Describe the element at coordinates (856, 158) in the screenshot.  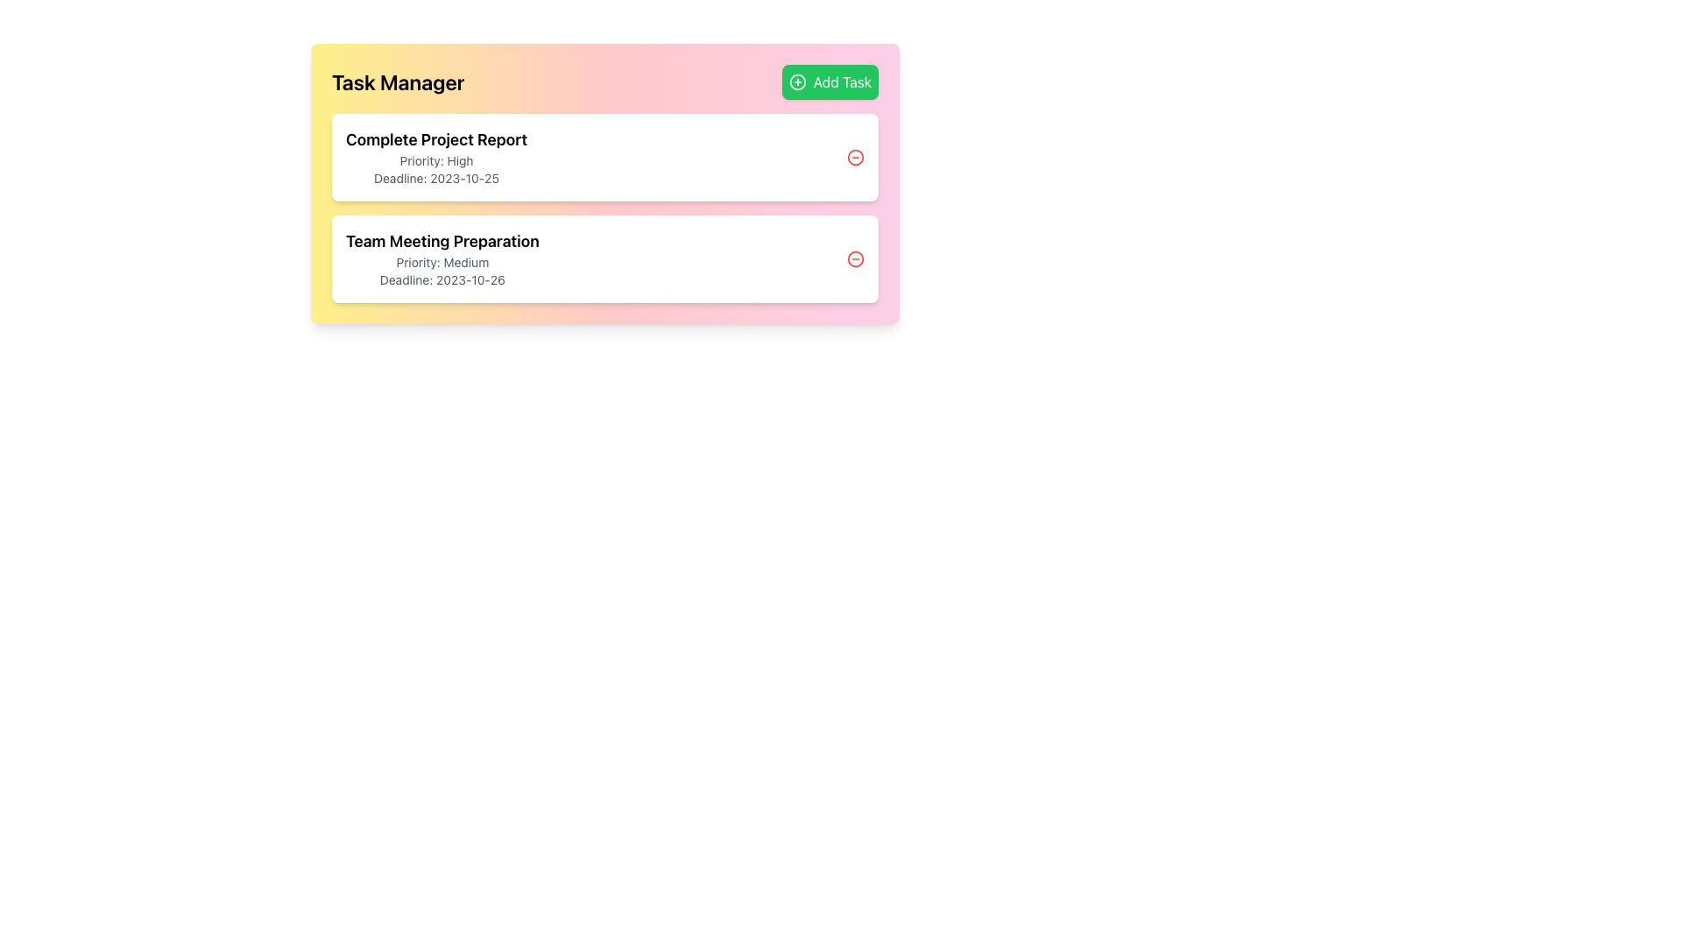
I see `the solid circular shape that represents the delete or remove icon in the 'Complete Project Report' task item section` at that location.